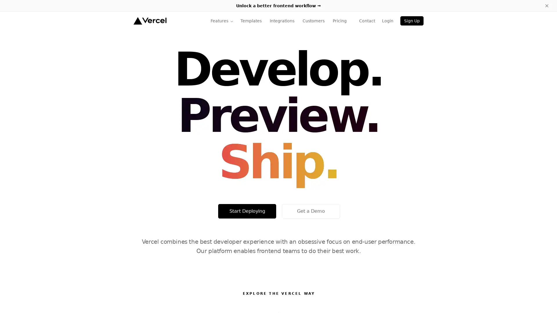  Describe the element at coordinates (150, 21) in the screenshot. I see `home` at that location.